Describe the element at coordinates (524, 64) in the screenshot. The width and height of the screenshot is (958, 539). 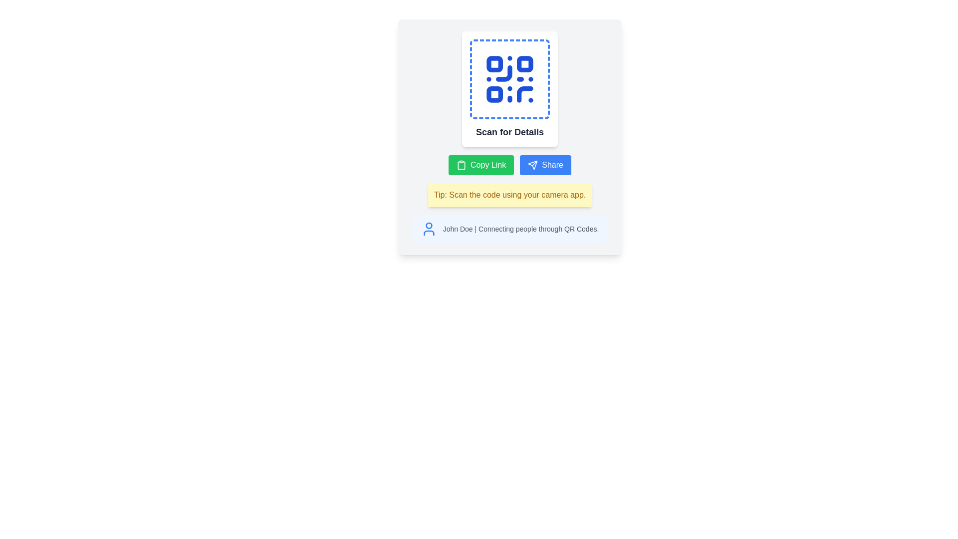
I see `the decorative graphical element located in the top-right section of the QR code graphic, which is a small square or rectangular box with rounded corners` at that location.